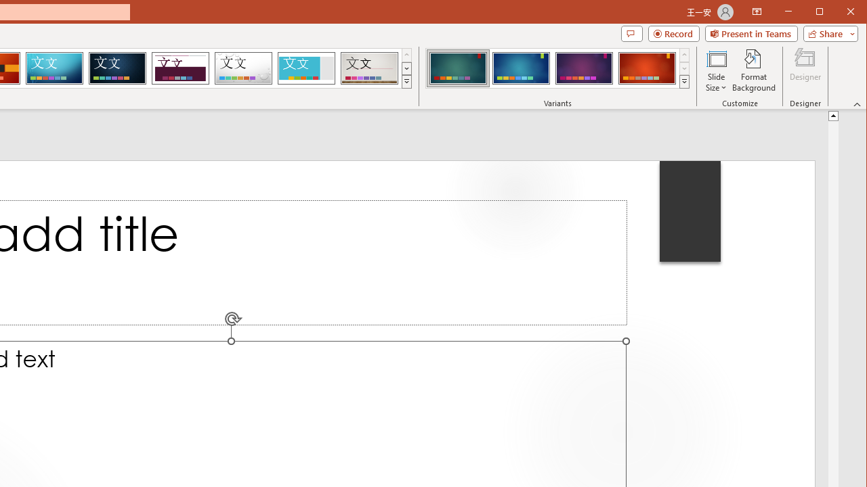 The height and width of the screenshot is (487, 867). I want to click on 'Damask', so click(117, 68).